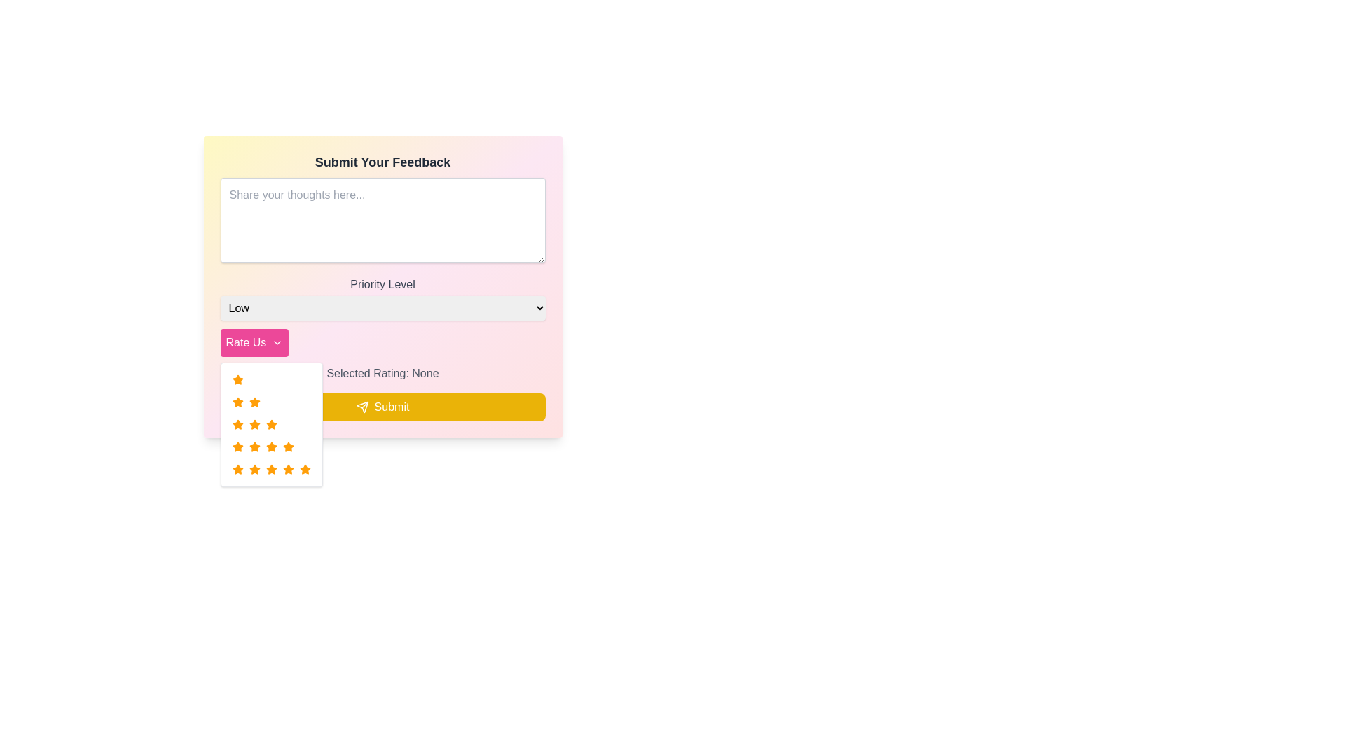 The width and height of the screenshot is (1345, 756). Describe the element at coordinates (271, 470) in the screenshot. I see `the fifth star in the interactive rating control under the 'Rate Us' button` at that location.